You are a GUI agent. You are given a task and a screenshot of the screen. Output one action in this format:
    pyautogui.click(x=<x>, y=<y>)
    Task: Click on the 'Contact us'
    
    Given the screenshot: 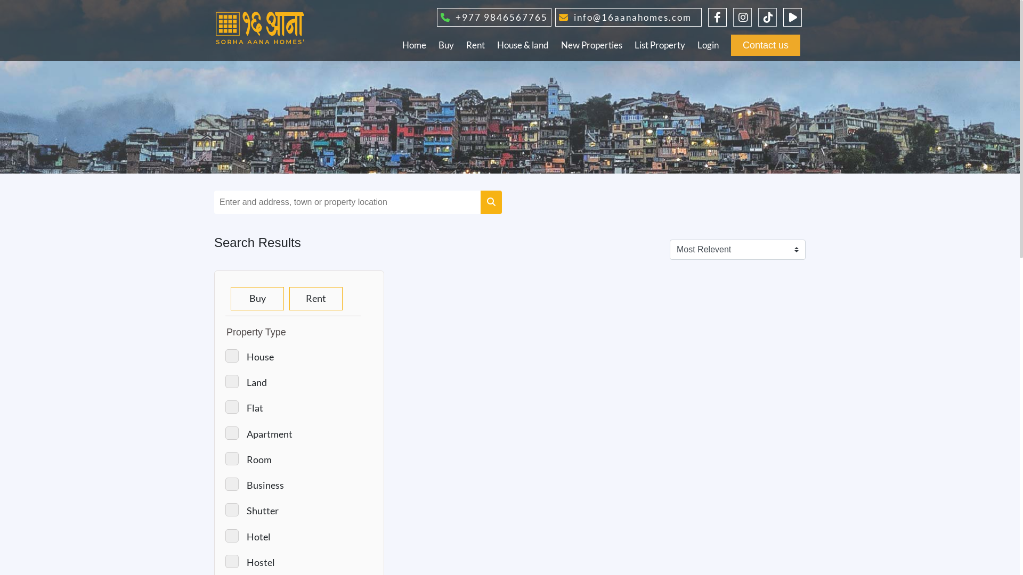 What is the action you would take?
    pyautogui.click(x=765, y=44)
    